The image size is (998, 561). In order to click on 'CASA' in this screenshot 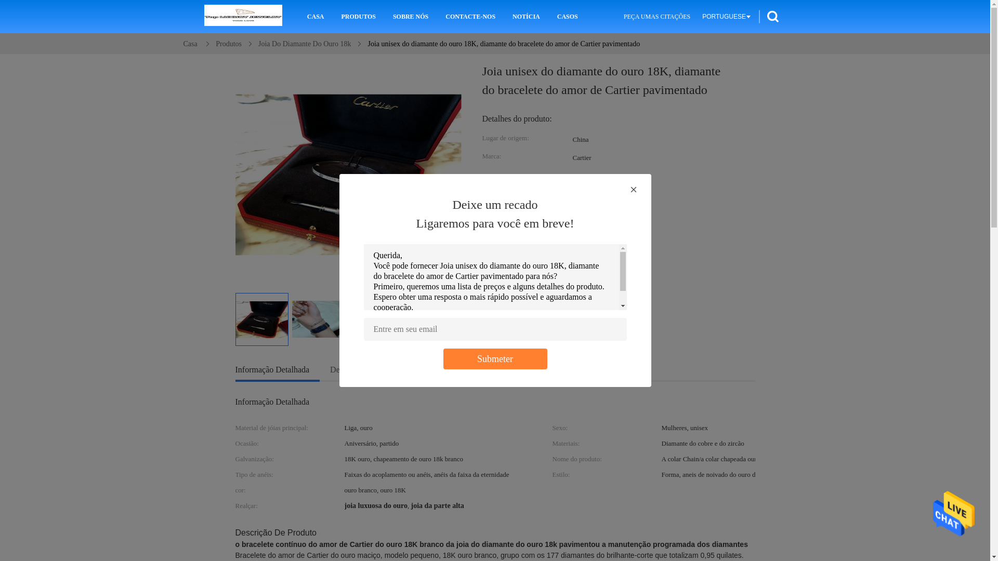, I will do `click(315, 16)`.